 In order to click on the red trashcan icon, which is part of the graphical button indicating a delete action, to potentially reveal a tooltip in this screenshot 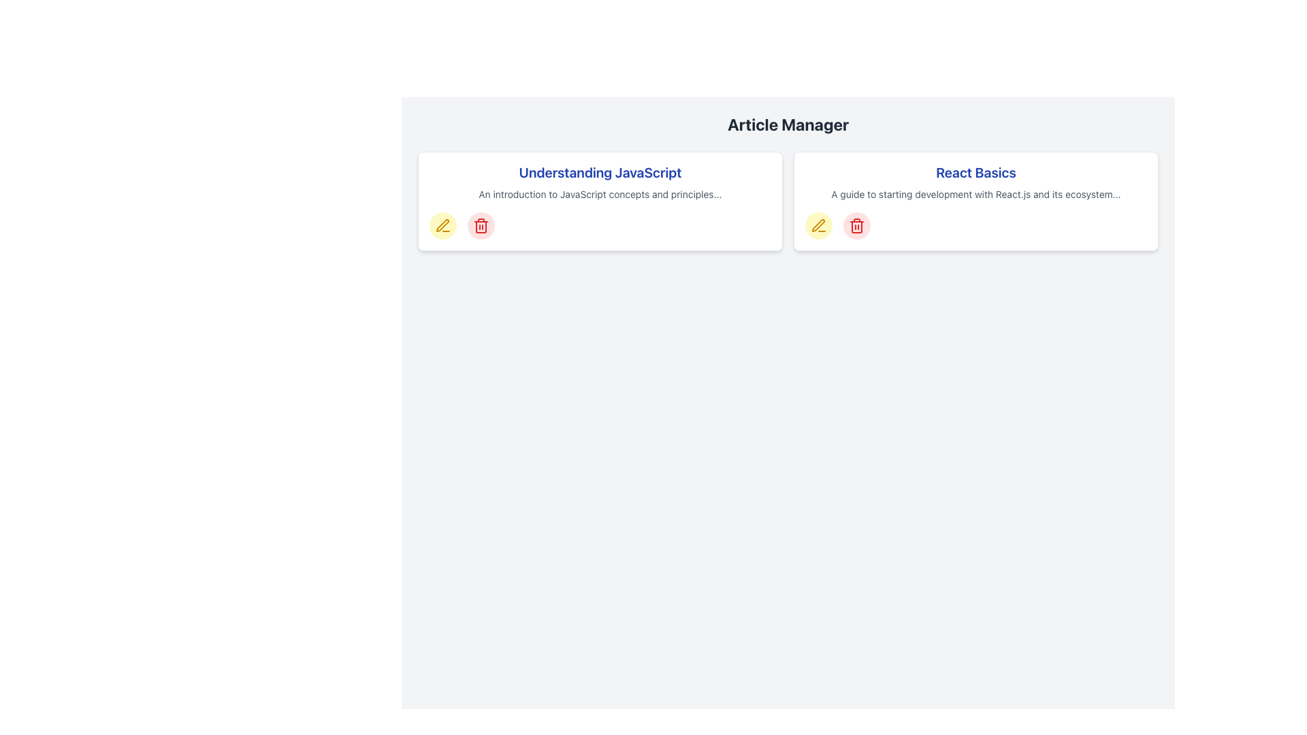, I will do `click(481, 227)`.